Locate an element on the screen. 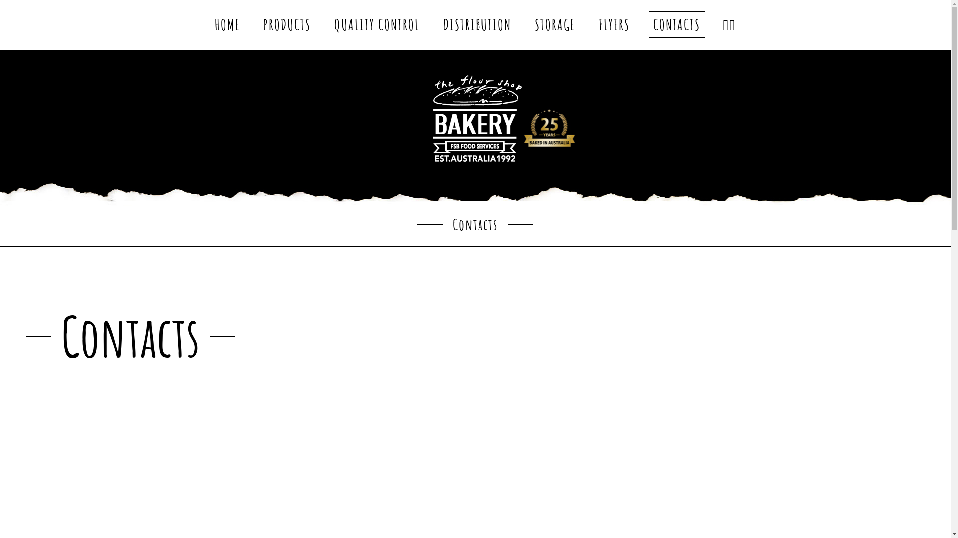 This screenshot has width=958, height=538. 'QUALITY CONTROL' is located at coordinates (376, 24).